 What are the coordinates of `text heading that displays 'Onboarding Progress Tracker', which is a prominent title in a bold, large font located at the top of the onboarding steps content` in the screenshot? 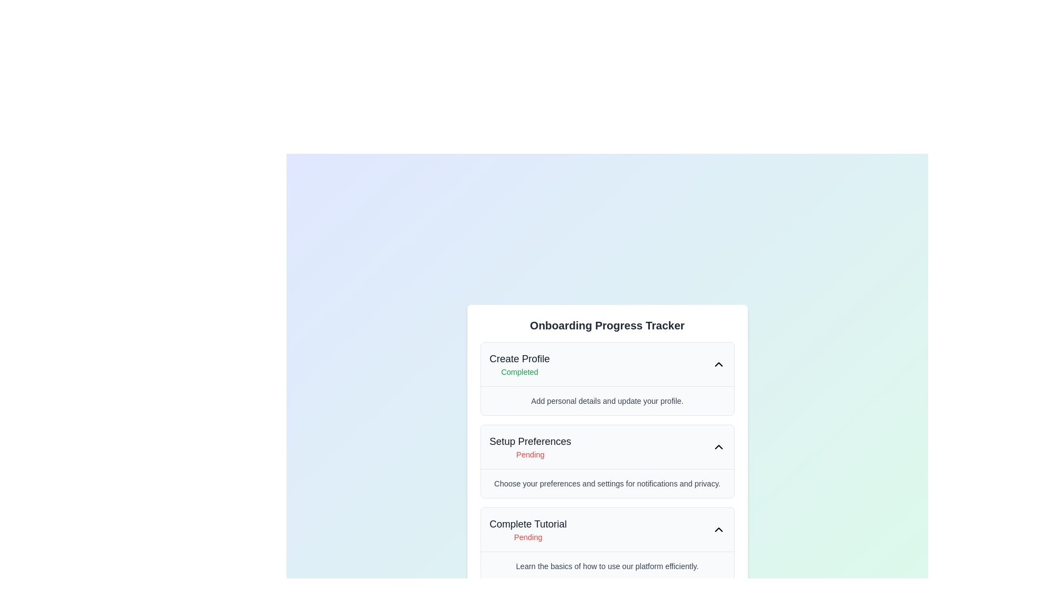 It's located at (607, 325).